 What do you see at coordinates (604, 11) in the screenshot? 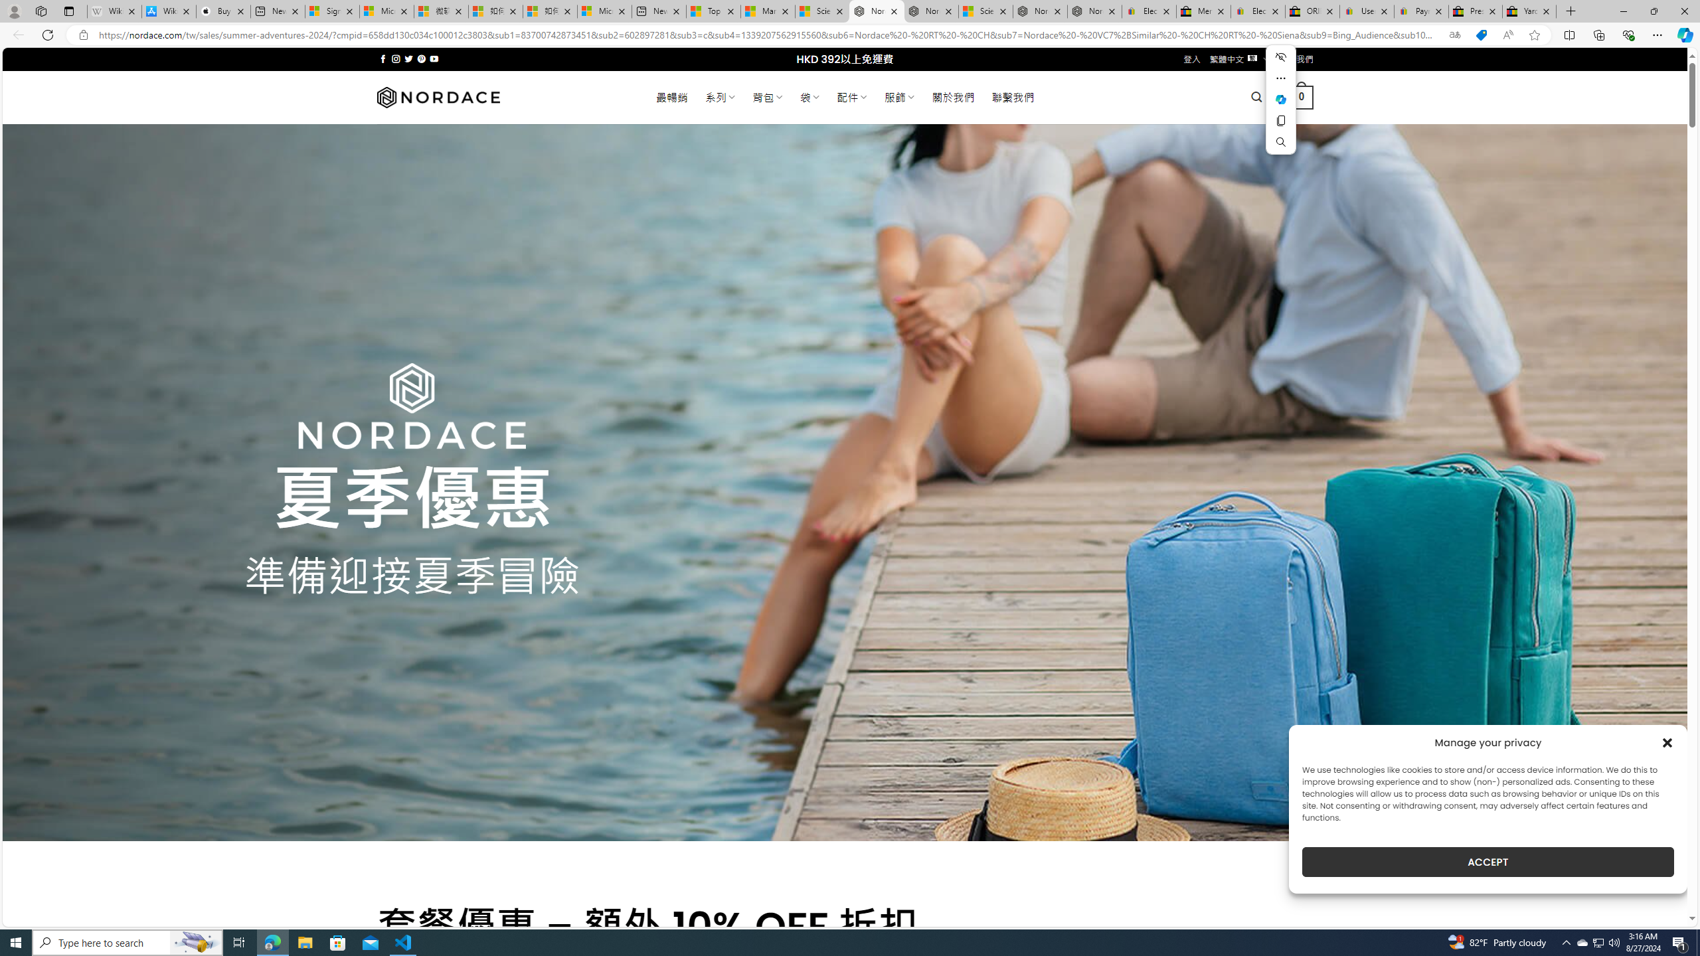
I see `'Microsoft account | Account Checkup'` at bounding box center [604, 11].